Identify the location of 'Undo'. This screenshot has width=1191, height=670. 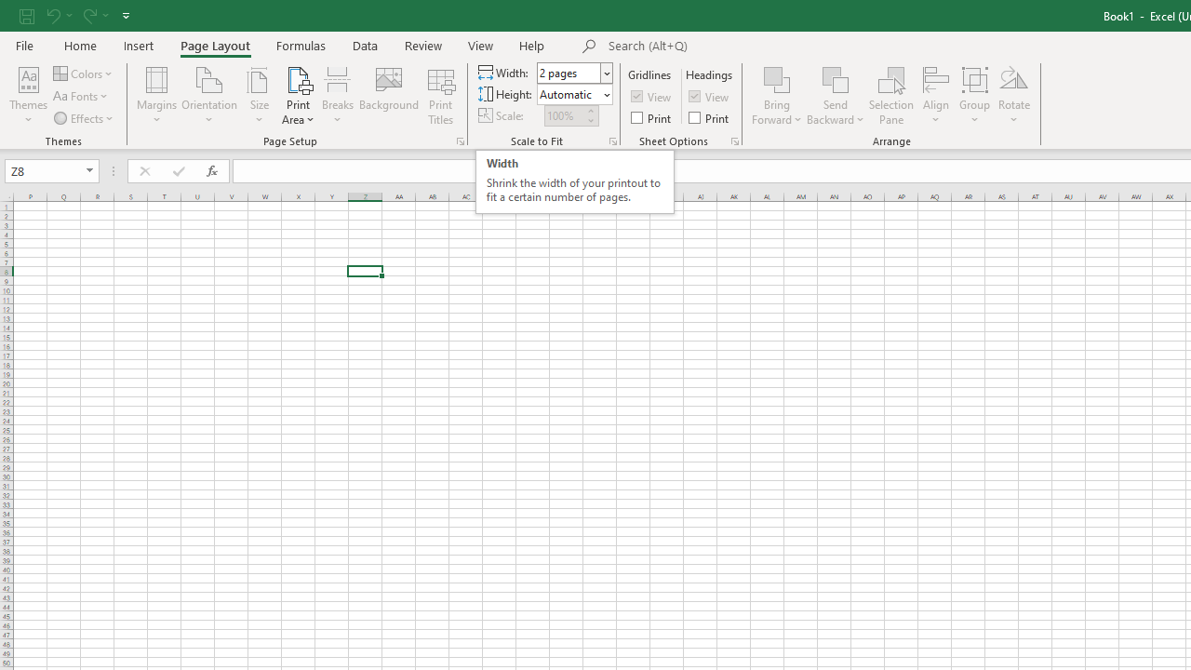
(52, 15).